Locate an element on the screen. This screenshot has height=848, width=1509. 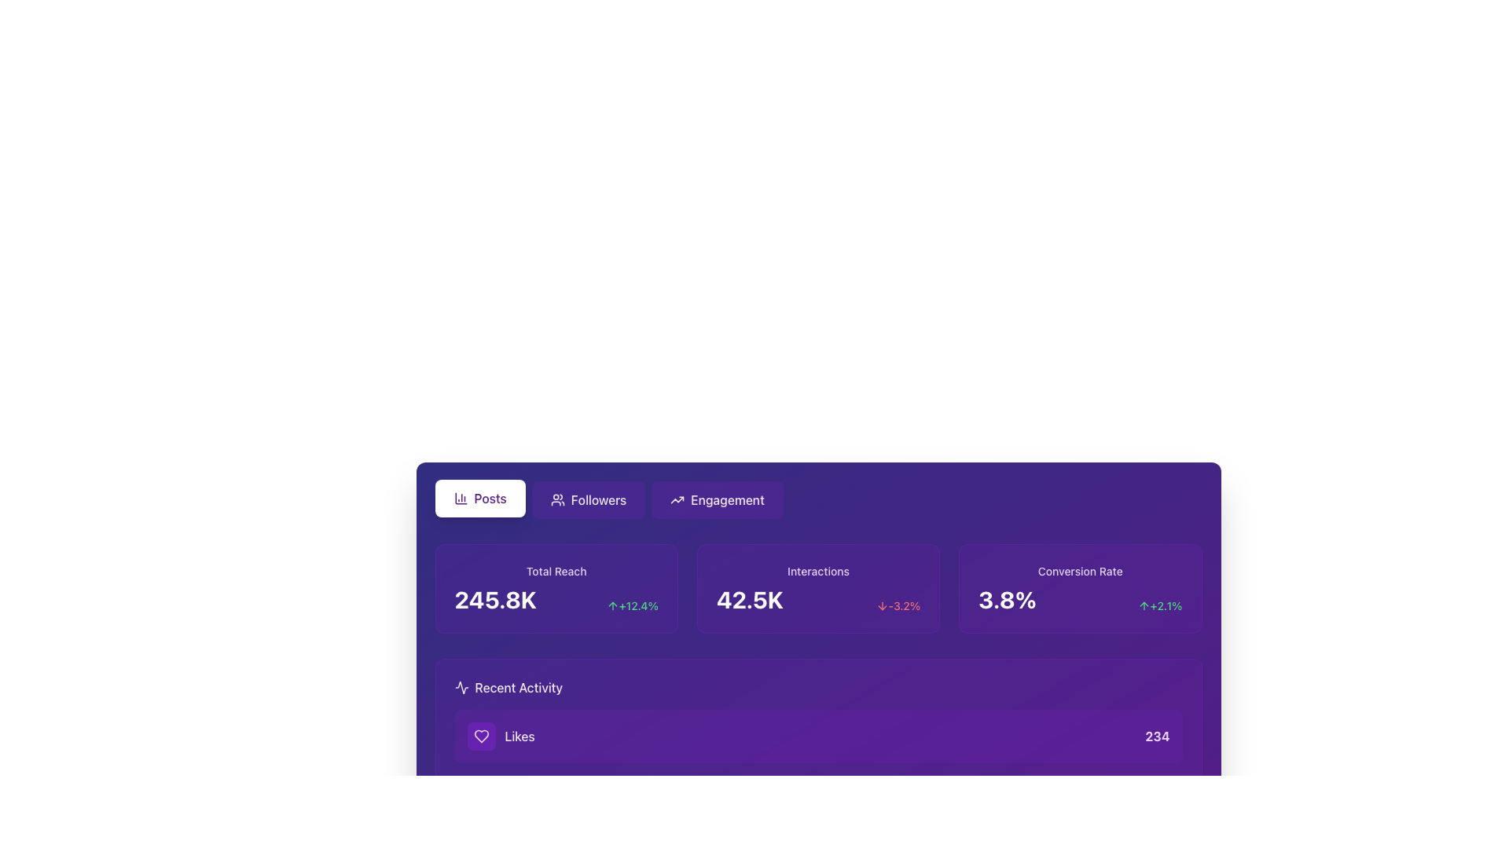
the 'Followers' label, which is positioned in the upper row of navigation buttons, between the 'Posts' and 'Engagement' buttons is located at coordinates (598, 499).